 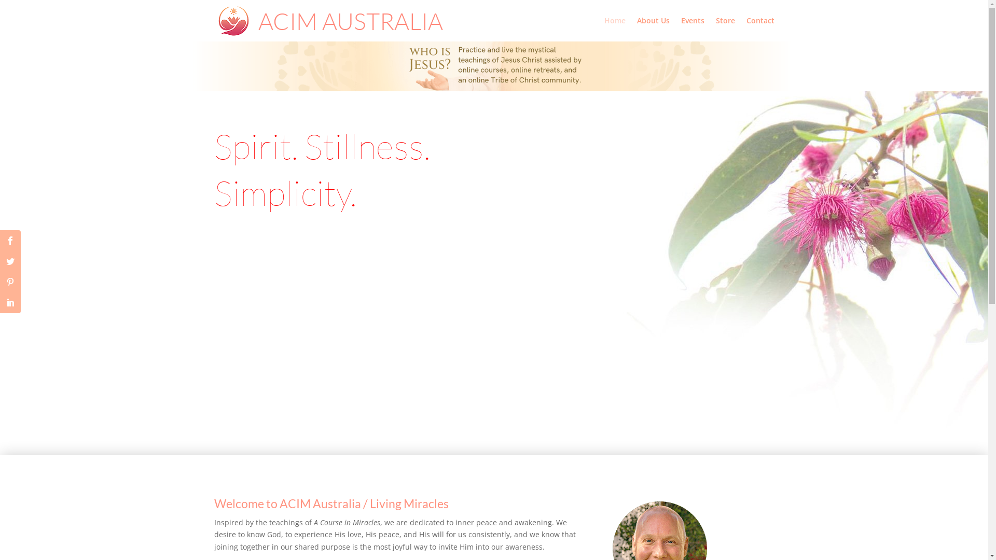 I want to click on 'Store', so click(x=725, y=29).